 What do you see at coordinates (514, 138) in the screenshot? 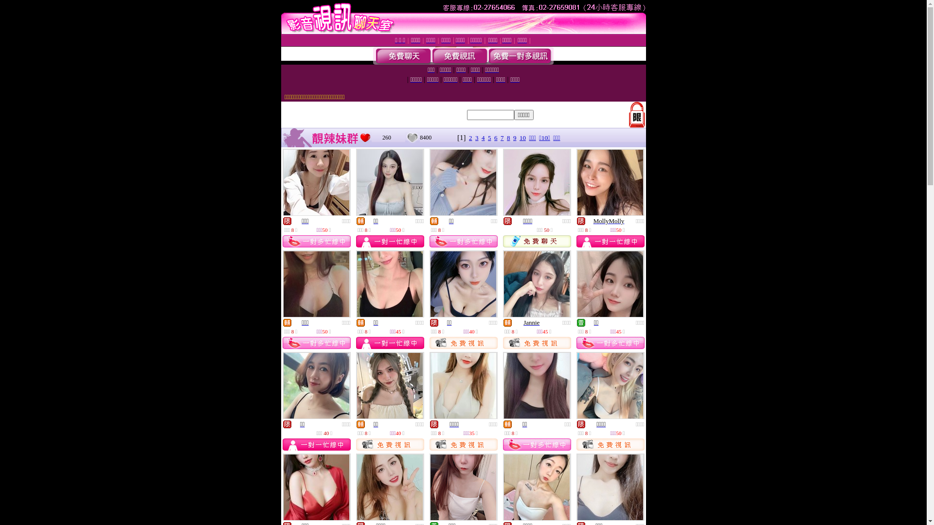
I see `'9'` at bounding box center [514, 138].